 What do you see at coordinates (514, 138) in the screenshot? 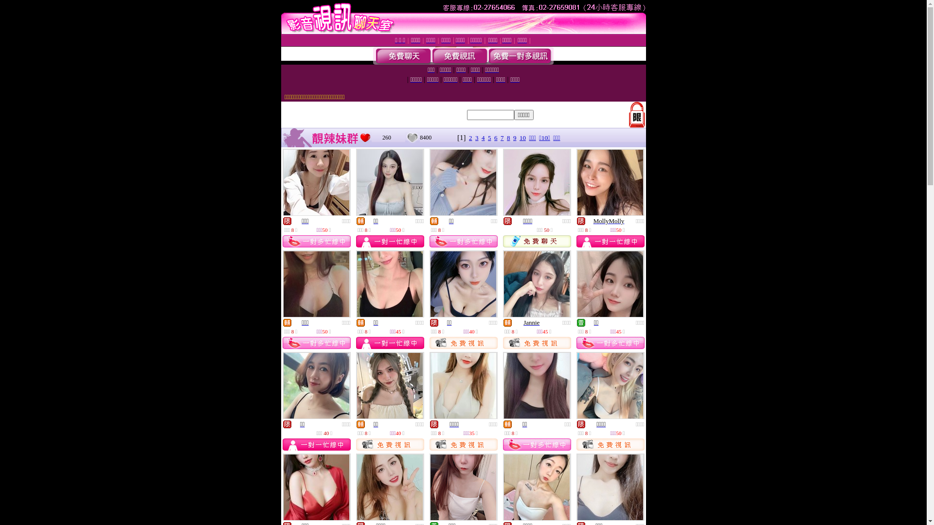
I see `'9'` at bounding box center [514, 138].